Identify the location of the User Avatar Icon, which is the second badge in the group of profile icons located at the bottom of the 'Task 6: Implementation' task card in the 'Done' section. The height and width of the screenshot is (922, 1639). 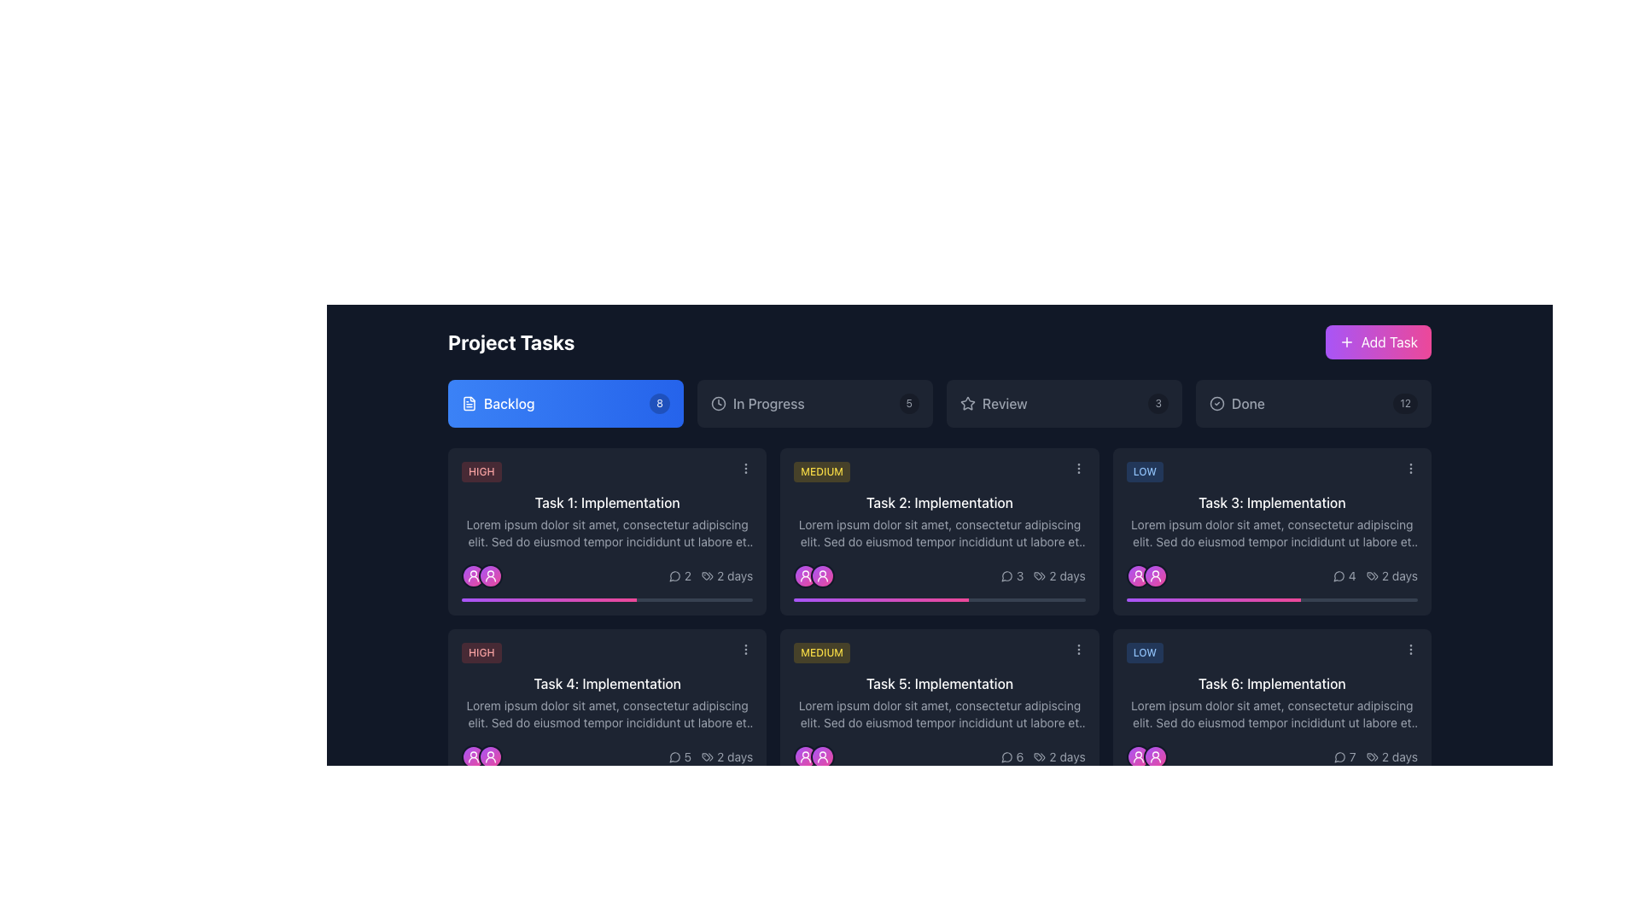
(1155, 756).